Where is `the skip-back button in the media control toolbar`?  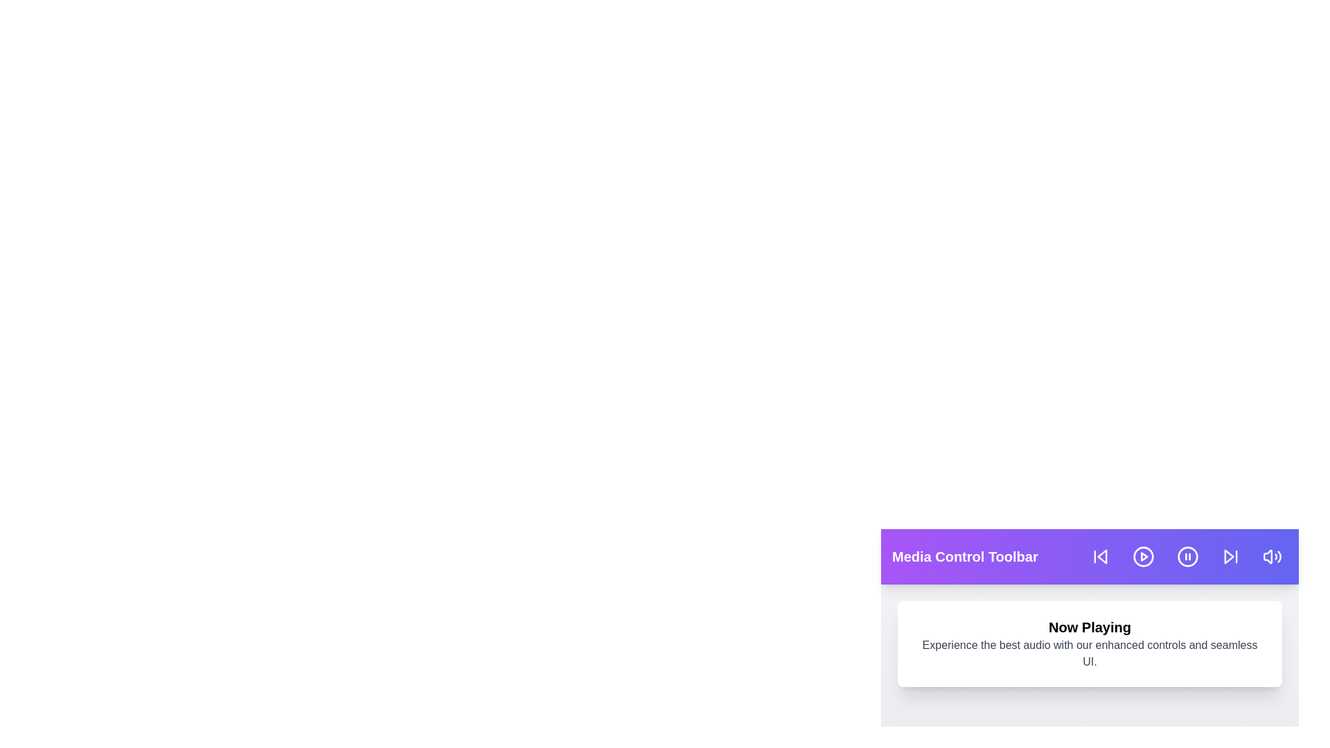
the skip-back button in the media control toolbar is located at coordinates (1099, 555).